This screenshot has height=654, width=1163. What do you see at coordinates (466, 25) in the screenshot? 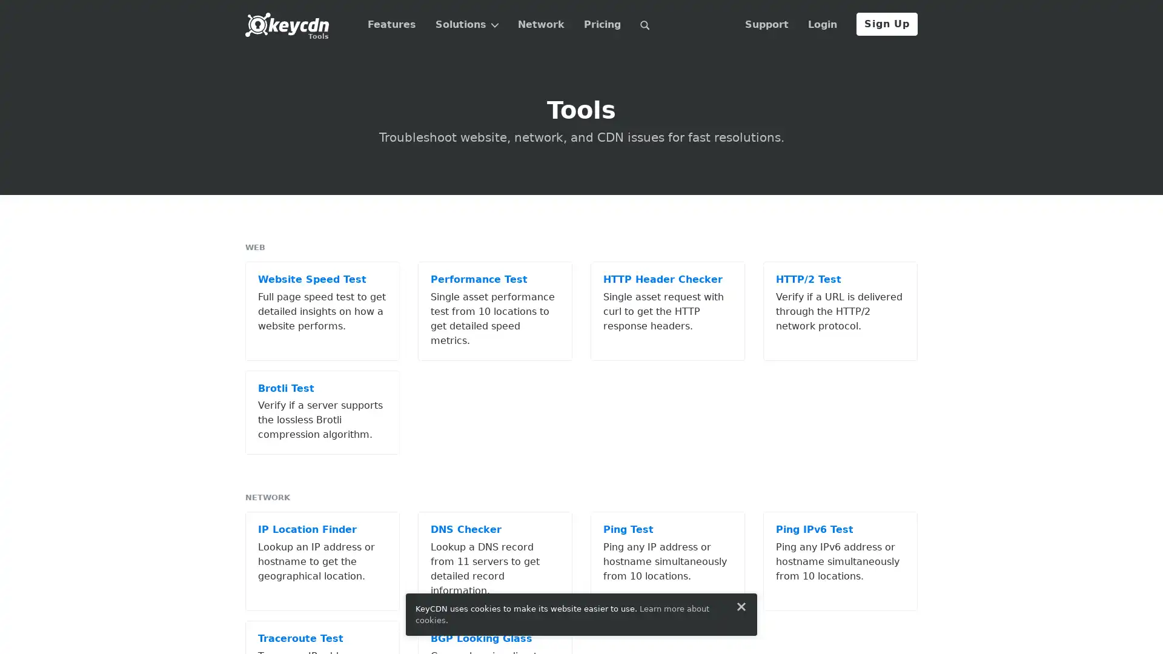
I see `Solutions` at bounding box center [466, 25].